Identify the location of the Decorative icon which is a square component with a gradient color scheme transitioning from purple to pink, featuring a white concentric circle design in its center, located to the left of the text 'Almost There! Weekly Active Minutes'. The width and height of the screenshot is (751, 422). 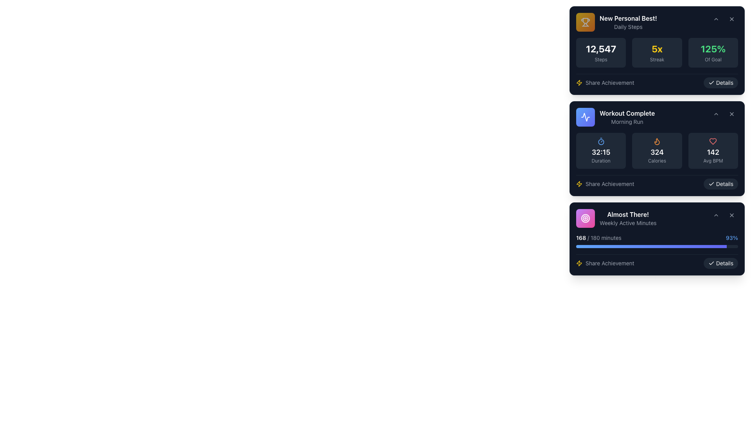
(586, 218).